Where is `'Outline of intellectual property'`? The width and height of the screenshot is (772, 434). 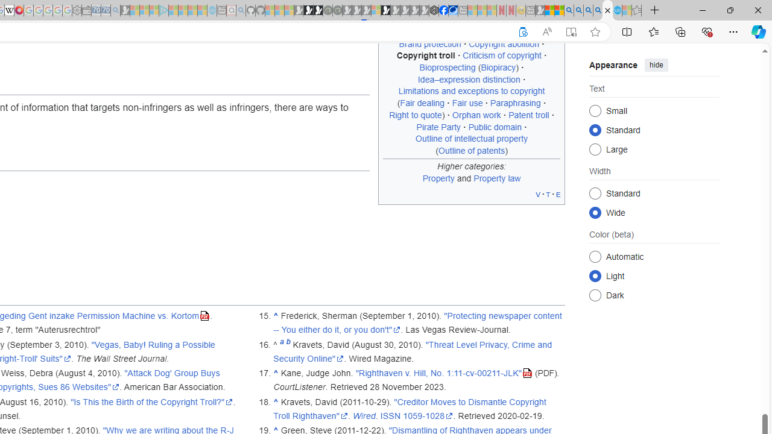
'Outline of intellectual property' is located at coordinates (471, 138).